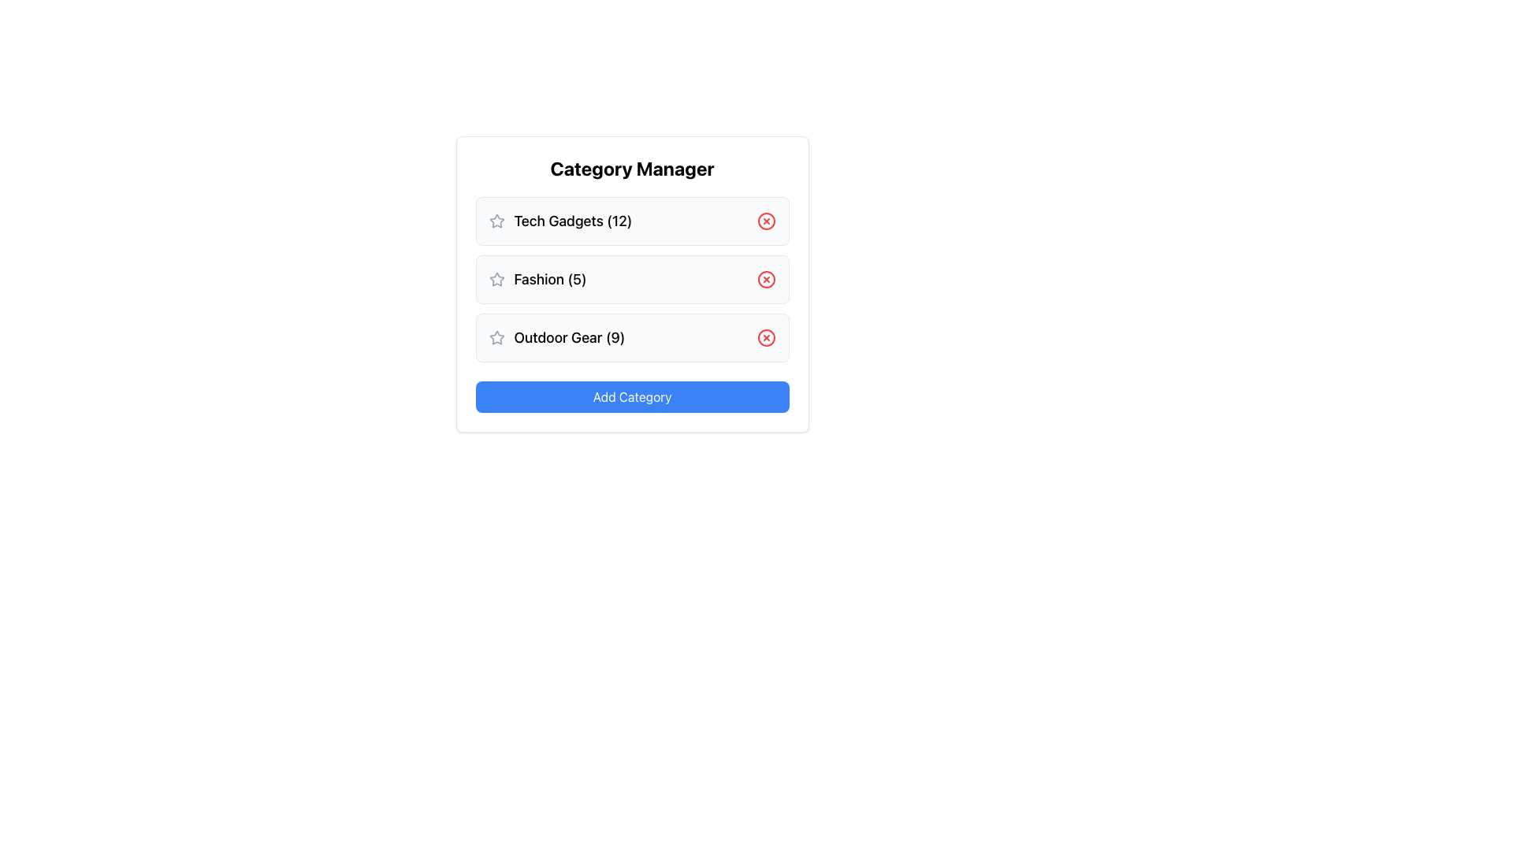  Describe the element at coordinates (766, 336) in the screenshot. I see `the circular graphical element representing deletion, which is part of a delete icon located at the rightmost position of the third item in a vertical list of categories` at that location.